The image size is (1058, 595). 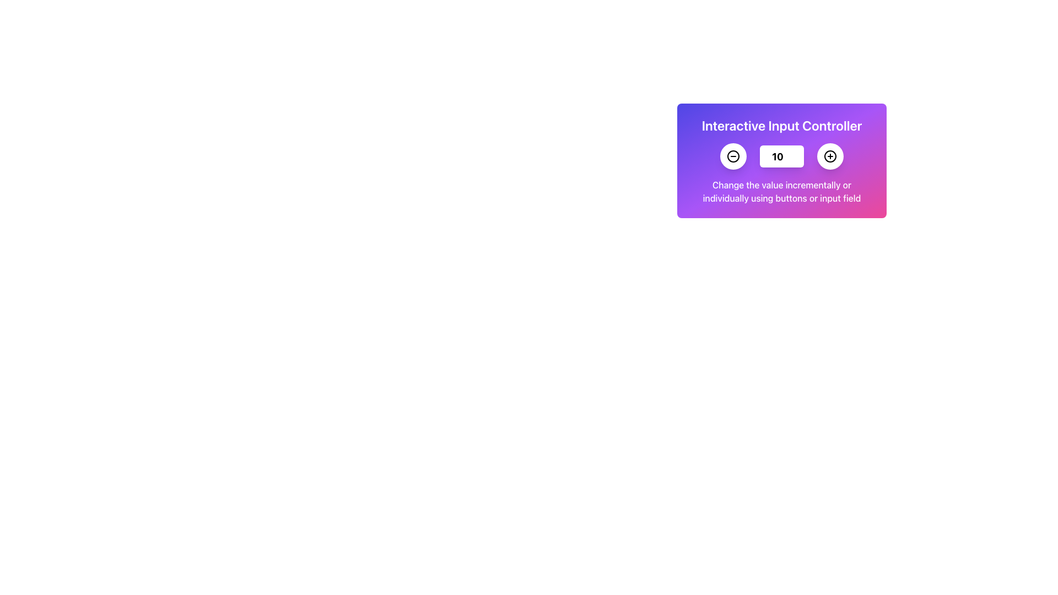 I want to click on the circular minus button with a black border, positioned to the left of the numerical input box in the interactive card interface, to observe any hover effects, so click(x=733, y=156).